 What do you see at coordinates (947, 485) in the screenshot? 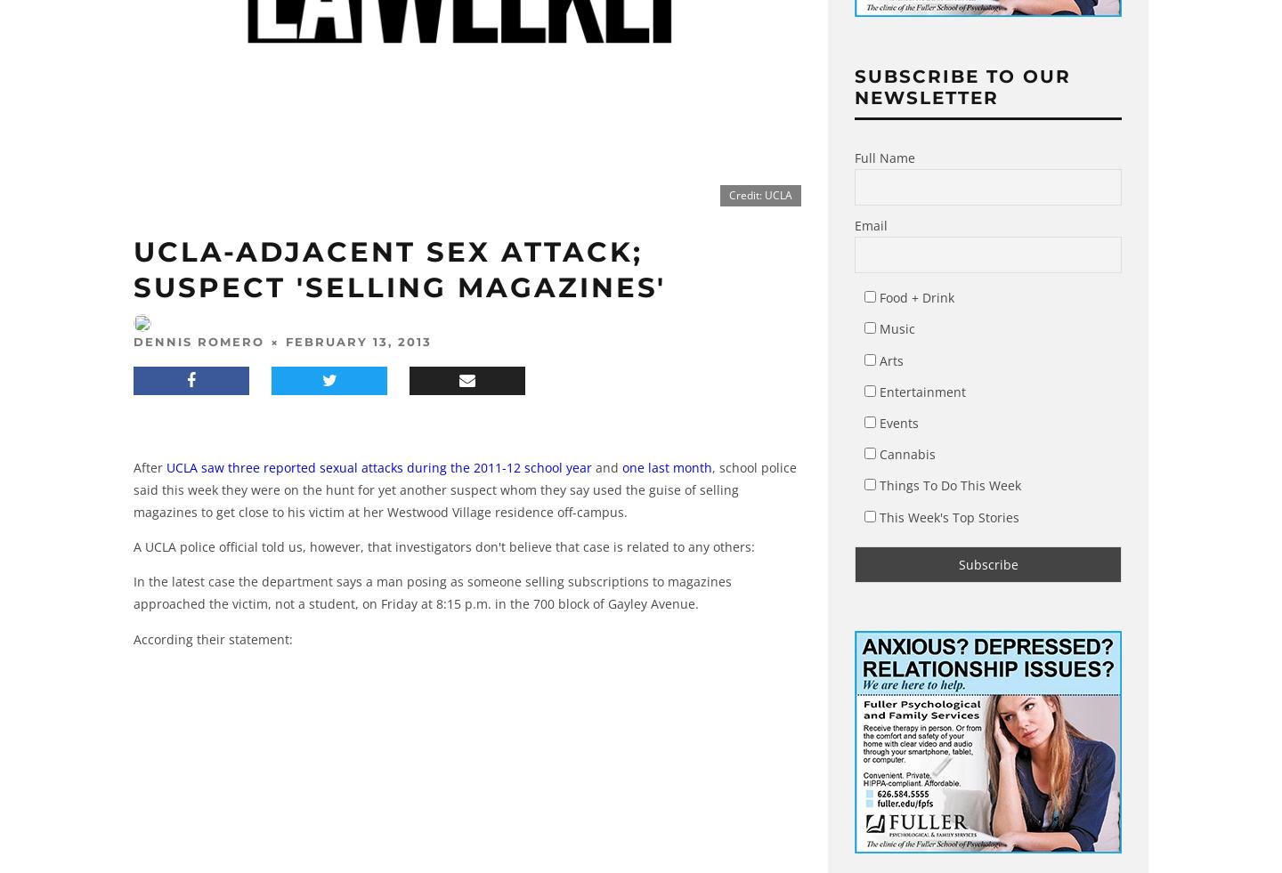
I see `'Things To Do This Week'` at bounding box center [947, 485].